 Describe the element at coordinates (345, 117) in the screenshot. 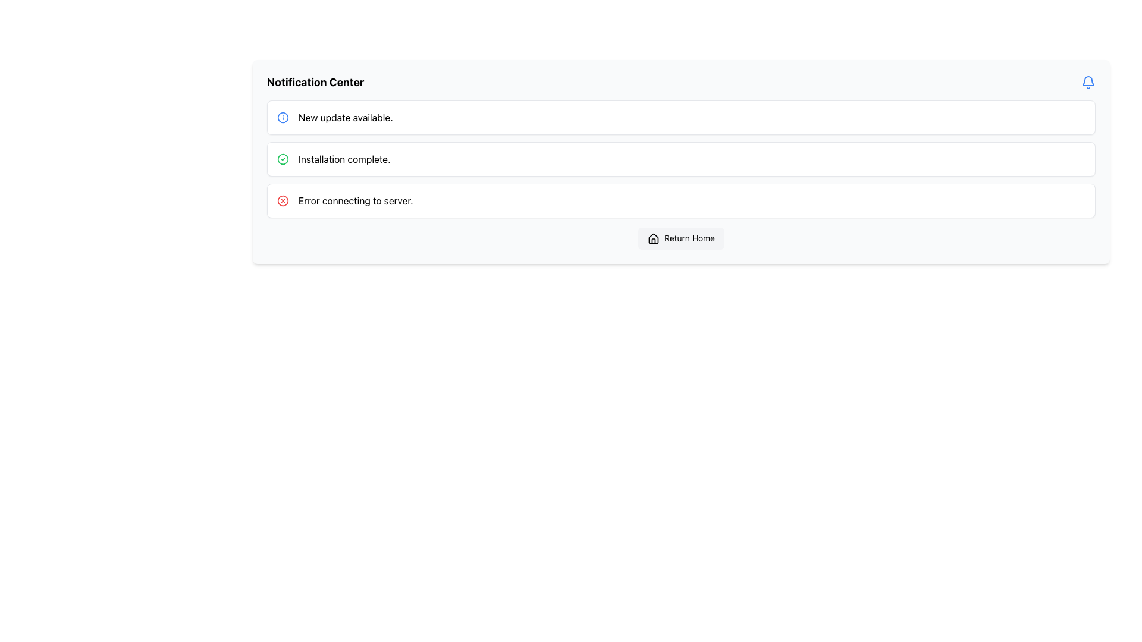

I see `the Text Label that displays the message 'New update available.' in the notification center` at that location.